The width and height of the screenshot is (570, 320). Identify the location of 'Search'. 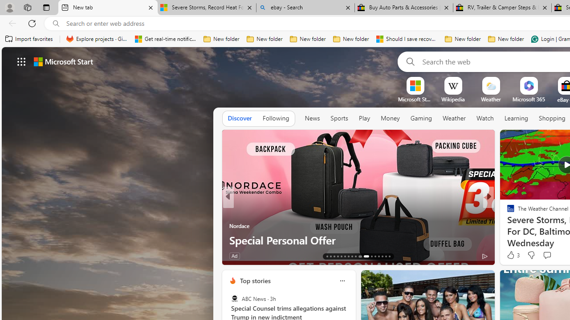
(408, 61).